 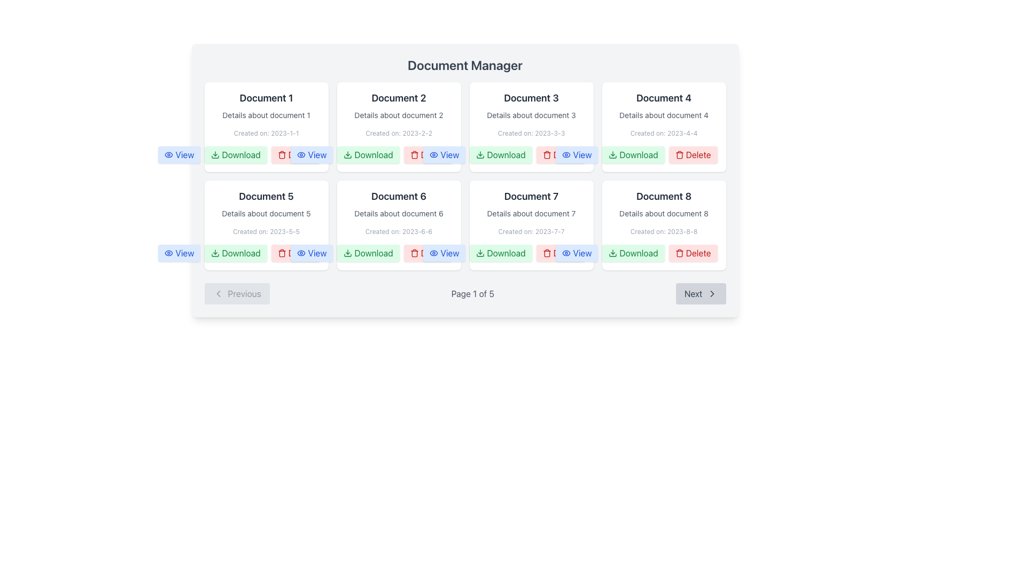 What do you see at coordinates (531, 212) in the screenshot?
I see `the Text Content Display element that shows the title 'Document 7', subtitle 'Details about document 7', and timestamp 'Created on: 2023-7-7'` at bounding box center [531, 212].